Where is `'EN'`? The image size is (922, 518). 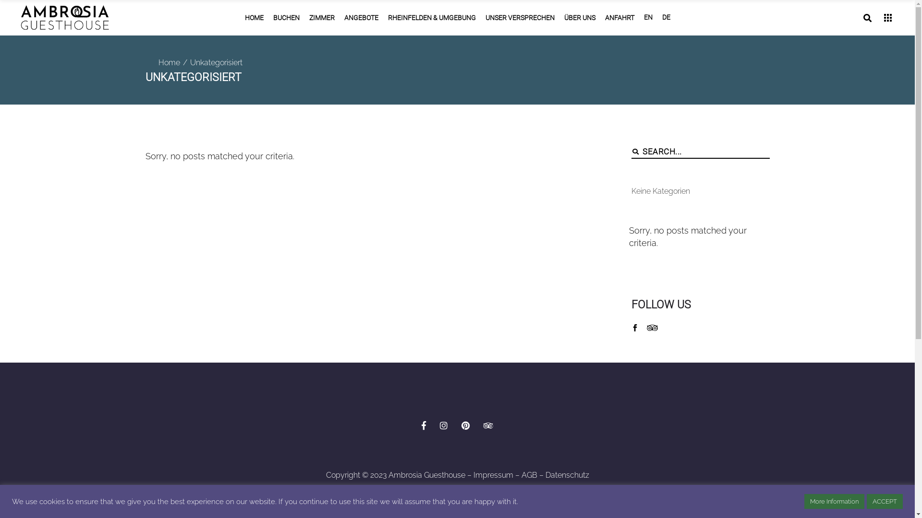
'EN' is located at coordinates (647, 18).